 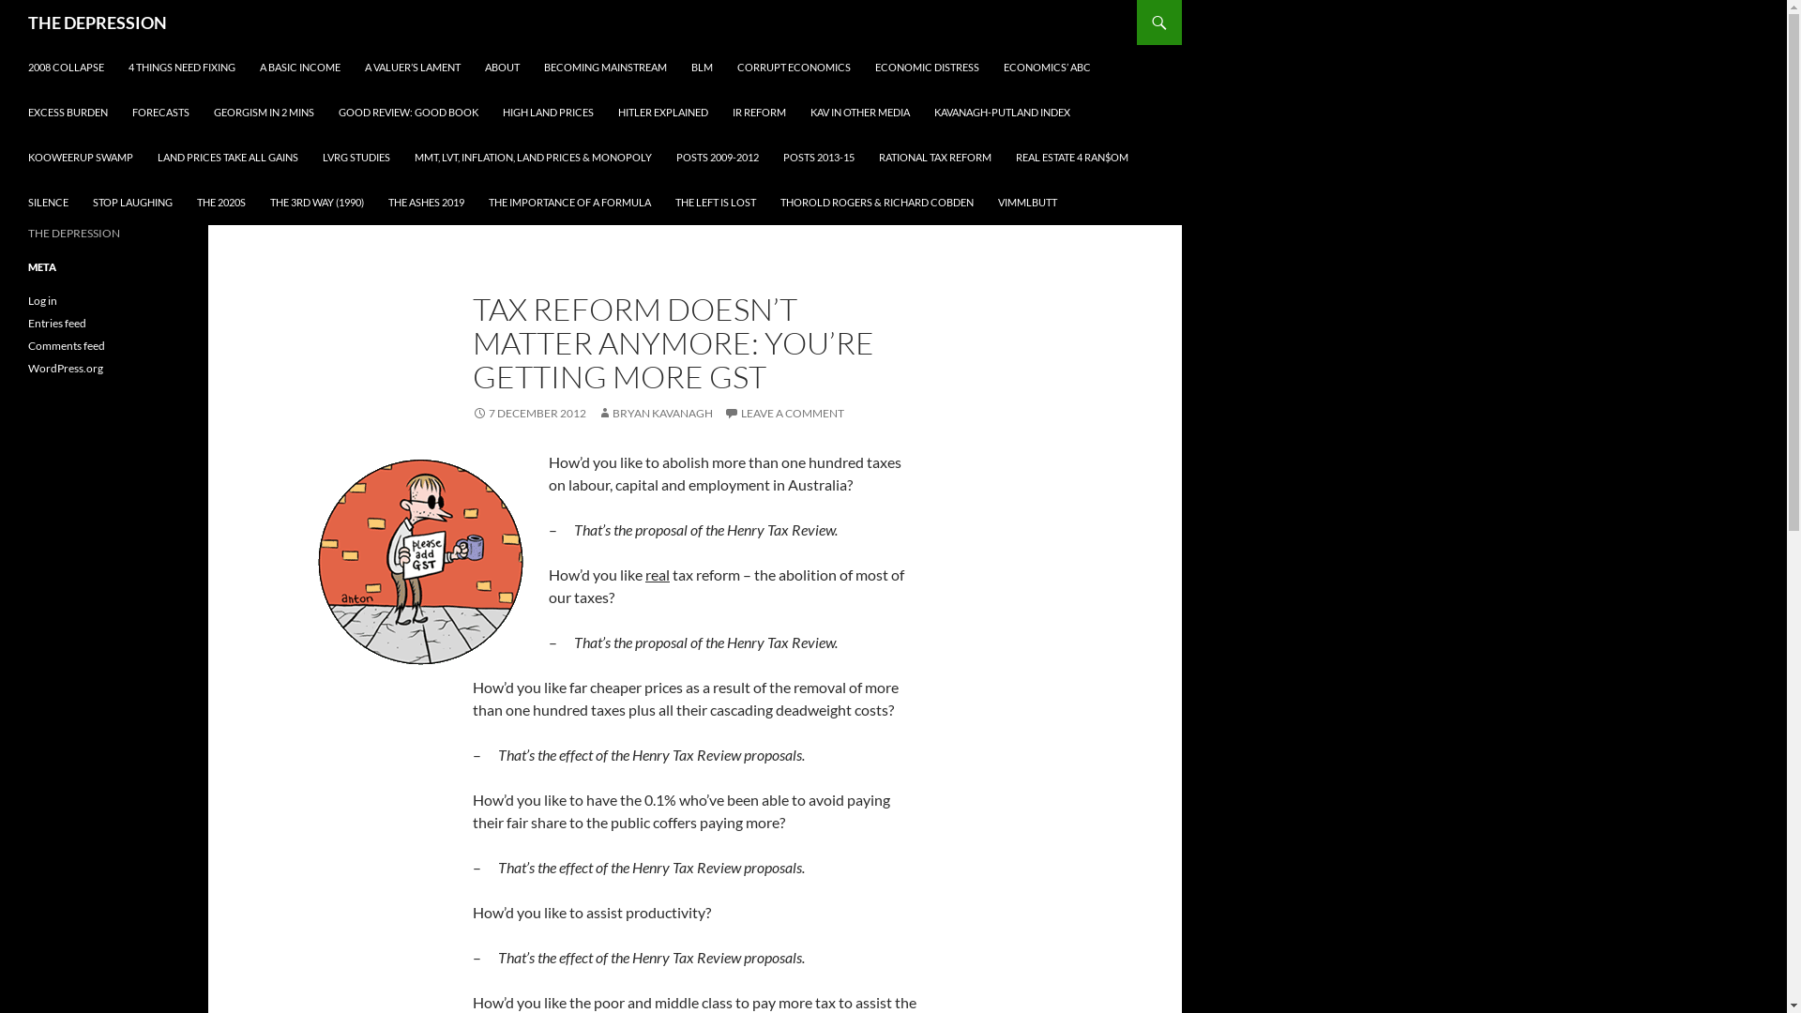 I want to click on 'ABOUT', so click(x=502, y=67).